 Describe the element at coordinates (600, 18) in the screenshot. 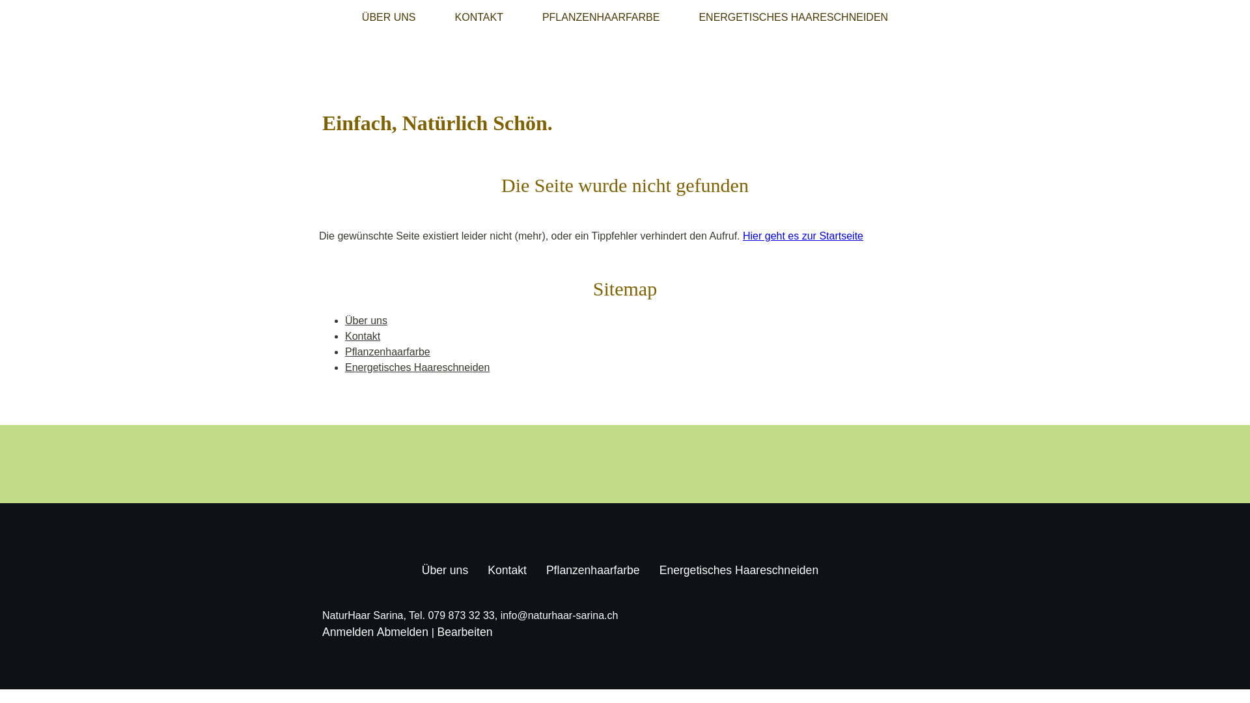

I see `'PFLANZENHAARFARBE'` at that location.